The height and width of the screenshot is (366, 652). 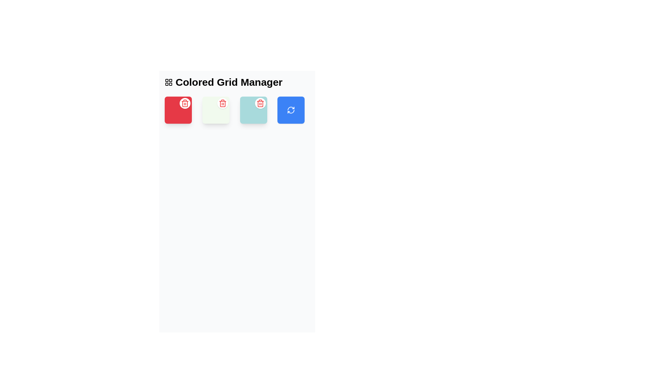 What do you see at coordinates (185, 103) in the screenshot?
I see `the delete button located at the upper-right corner of the first red square card in the Colored Grid Manager` at bounding box center [185, 103].